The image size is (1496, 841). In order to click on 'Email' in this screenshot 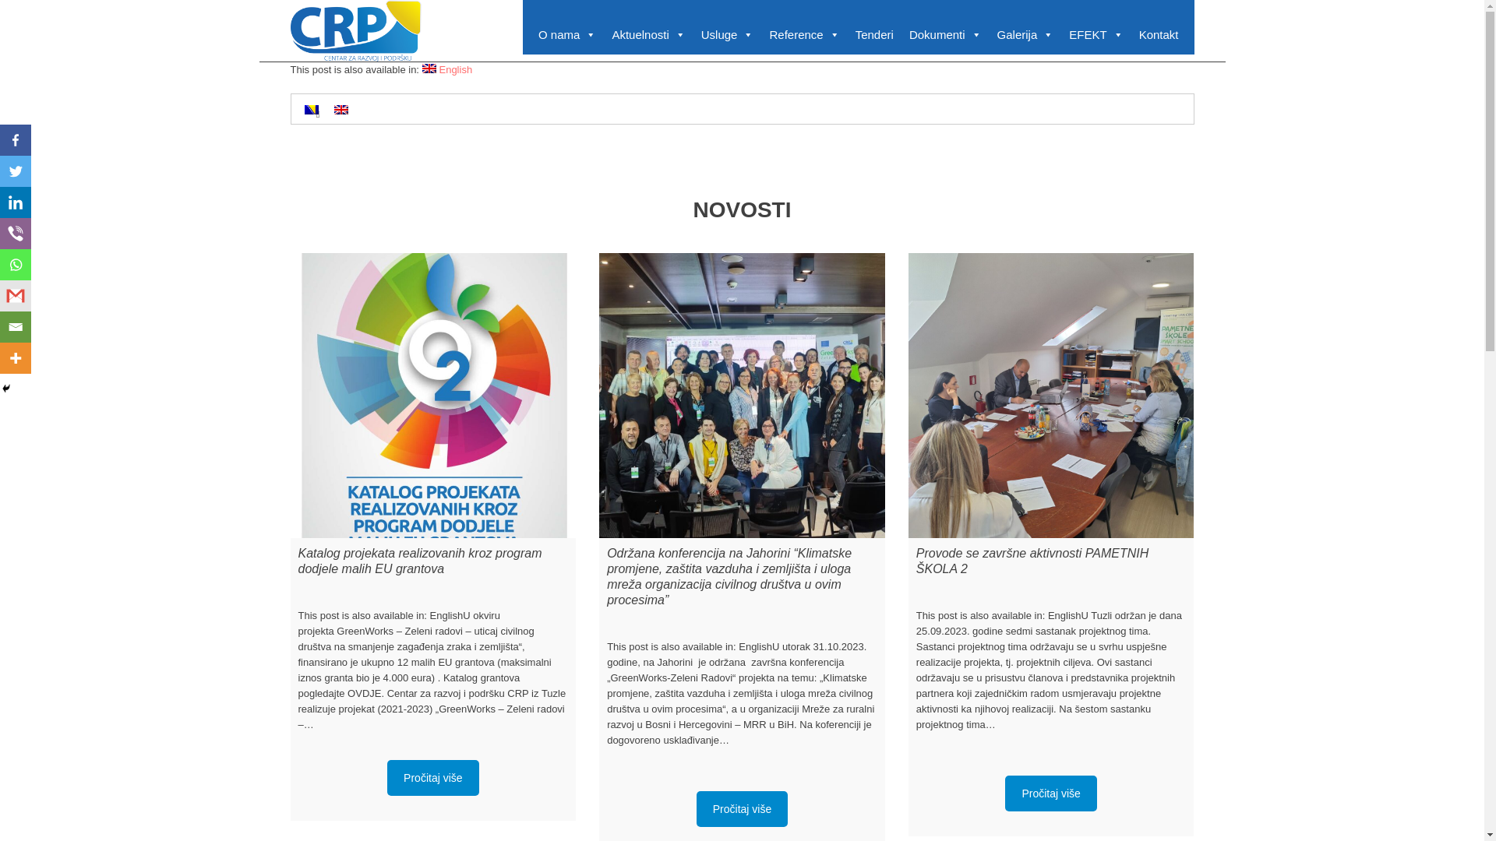, I will do `click(15, 326)`.